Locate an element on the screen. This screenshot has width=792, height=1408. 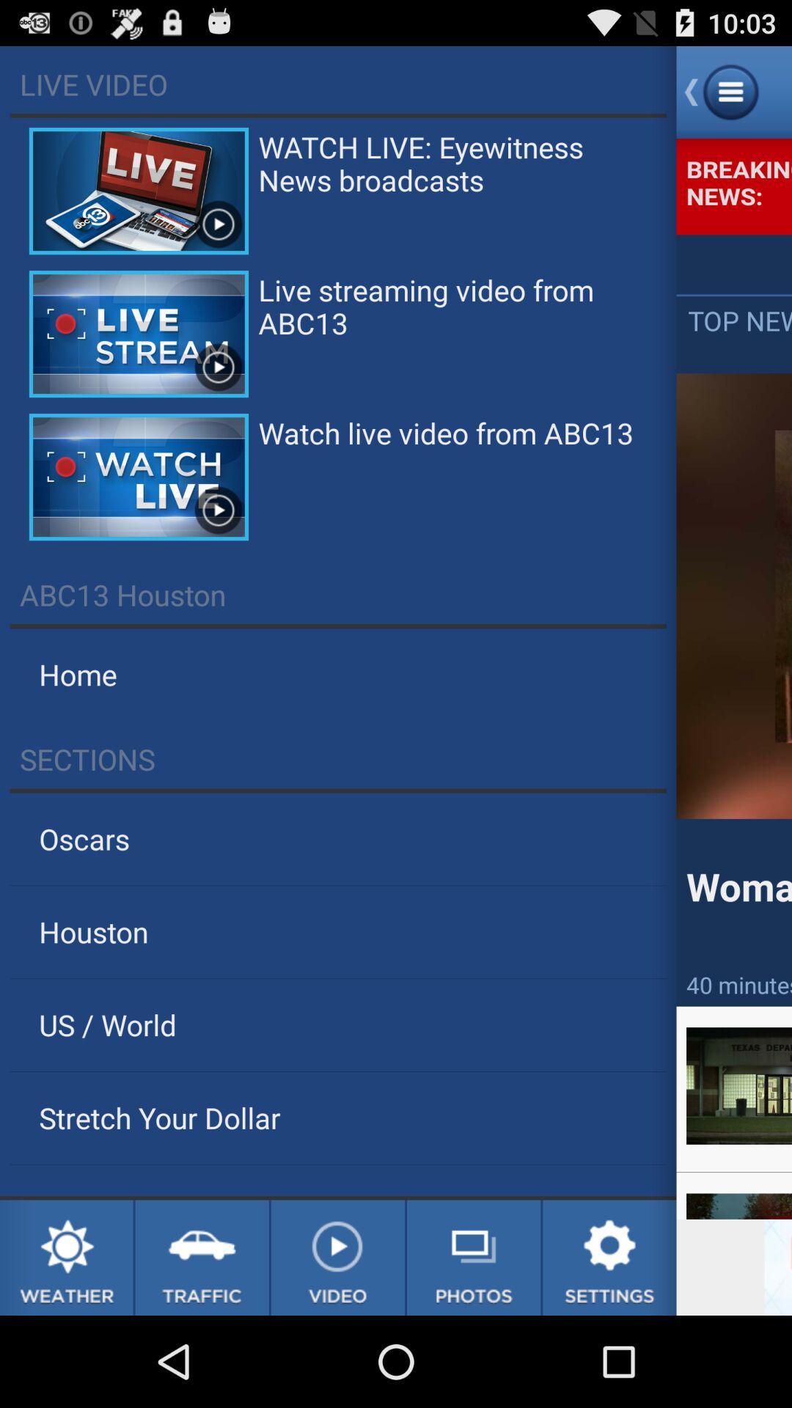
weather button is located at coordinates (66, 1257).